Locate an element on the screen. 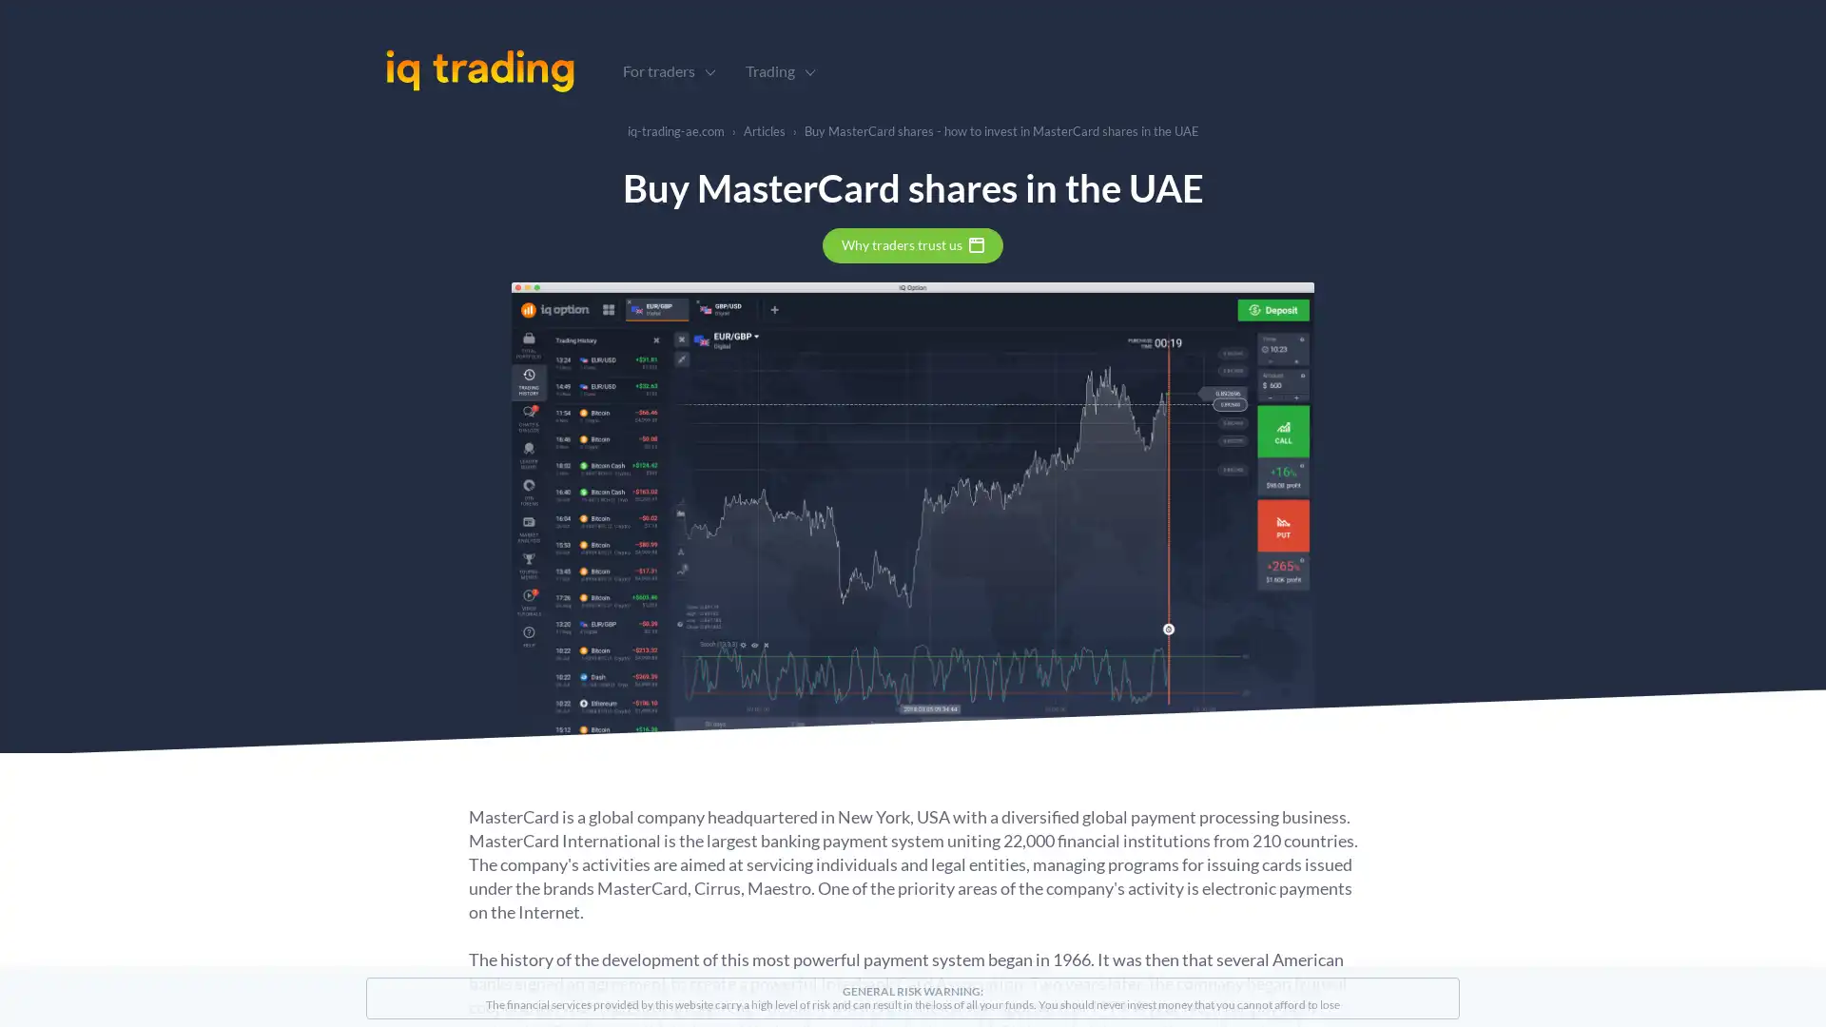  Why traders trust us is located at coordinates (913, 244).